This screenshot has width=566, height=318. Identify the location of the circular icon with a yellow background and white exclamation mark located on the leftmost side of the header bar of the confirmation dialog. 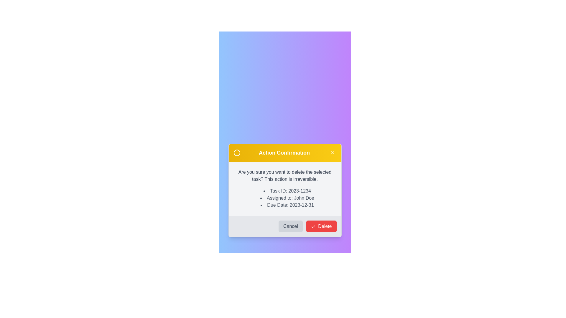
(237, 153).